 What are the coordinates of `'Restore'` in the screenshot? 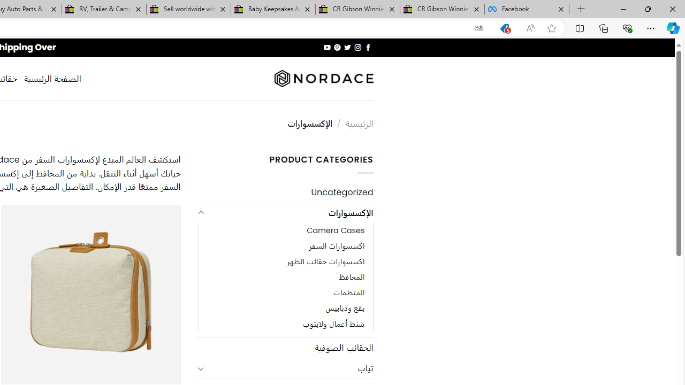 It's located at (647, 9).